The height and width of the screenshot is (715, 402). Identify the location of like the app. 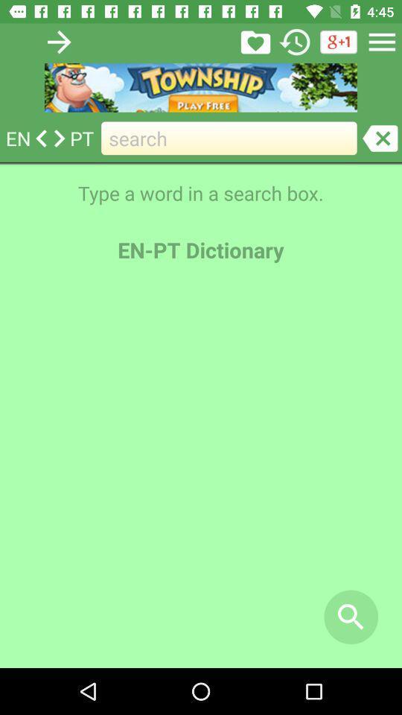
(255, 41).